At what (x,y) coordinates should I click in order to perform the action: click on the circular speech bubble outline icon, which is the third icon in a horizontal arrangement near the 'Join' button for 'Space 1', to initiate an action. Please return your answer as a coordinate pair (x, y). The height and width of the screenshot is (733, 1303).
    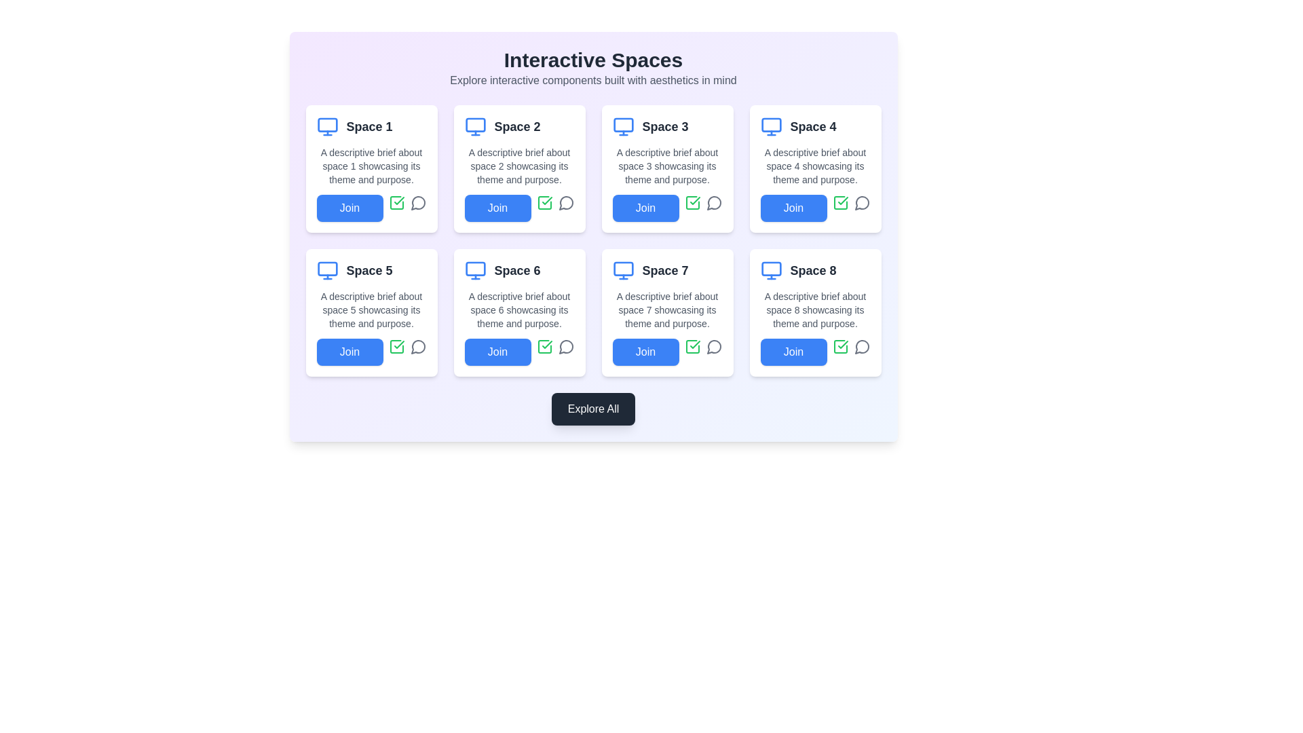
    Looking at the image, I should click on (417, 203).